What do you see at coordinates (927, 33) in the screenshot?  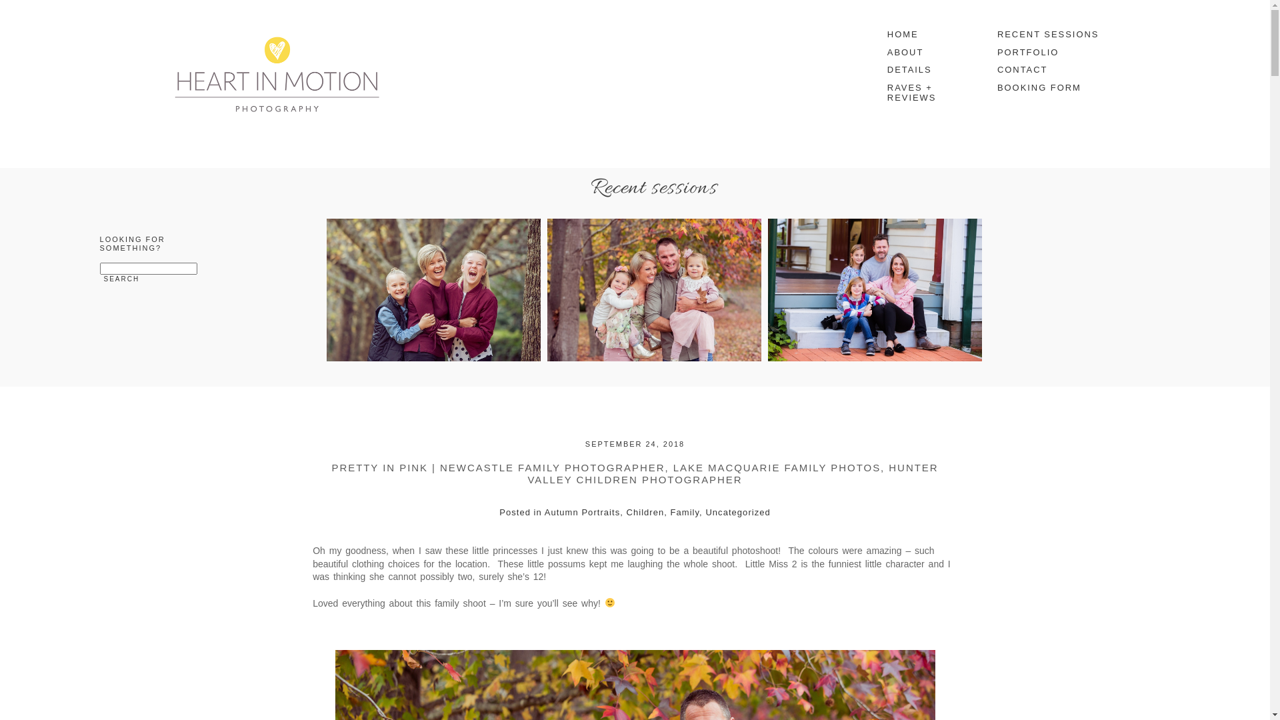 I see `'HOME'` at bounding box center [927, 33].